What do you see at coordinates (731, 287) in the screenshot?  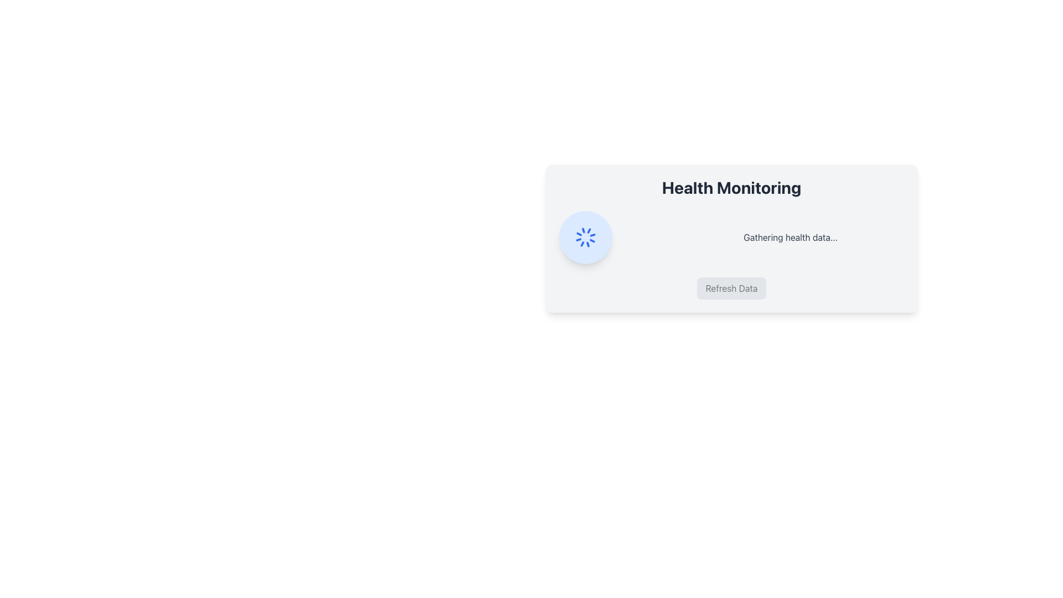 I see `the refresh button located at the bottom-right of the 'Health Monitoring' card to refresh the displayed data` at bounding box center [731, 287].